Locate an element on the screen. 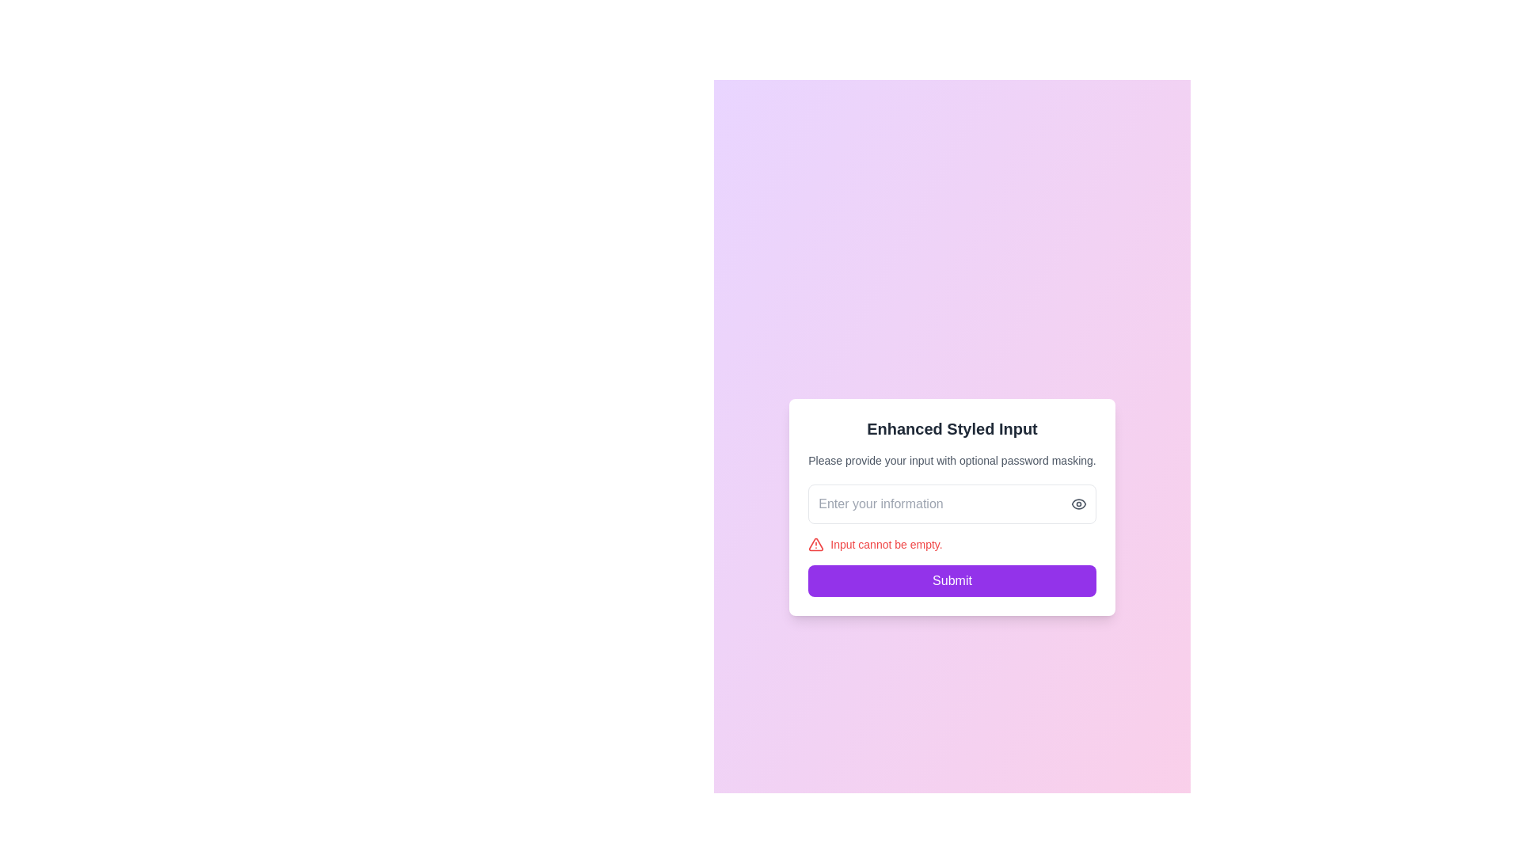 The width and height of the screenshot is (1520, 855). the informational text that reads 'Please provide your input with optional password masking.' which is styled in small gray font and located below the heading 'Enhanced Styled Input.' is located at coordinates (952, 461).